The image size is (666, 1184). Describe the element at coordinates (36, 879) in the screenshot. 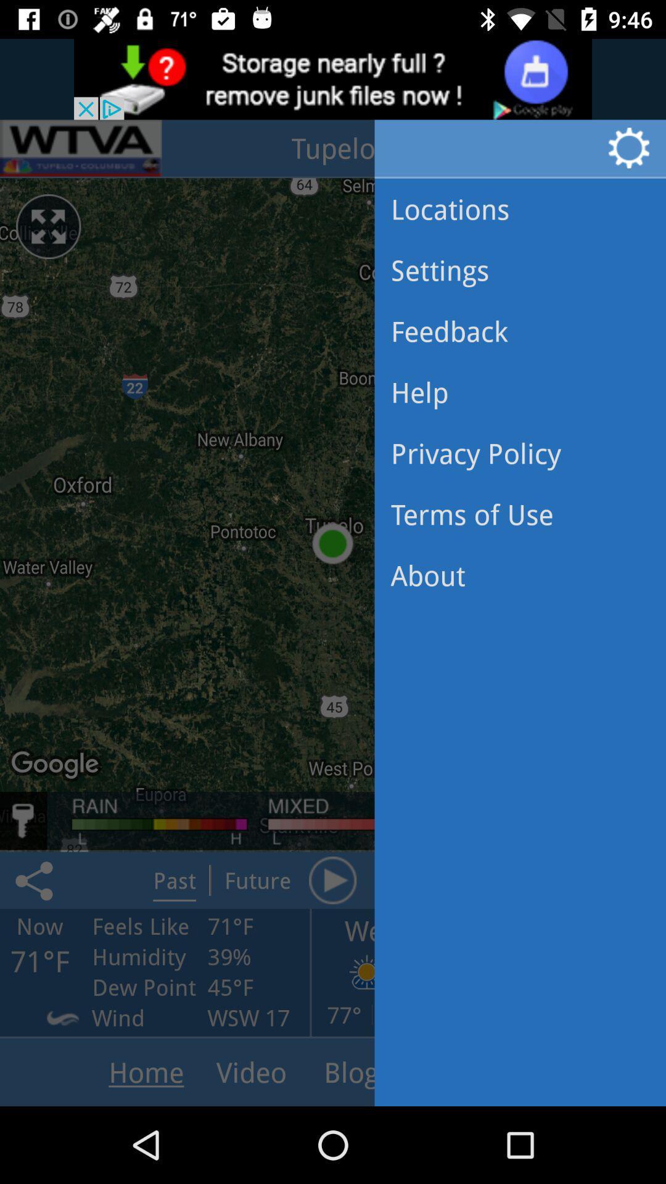

I see `the share icon` at that location.